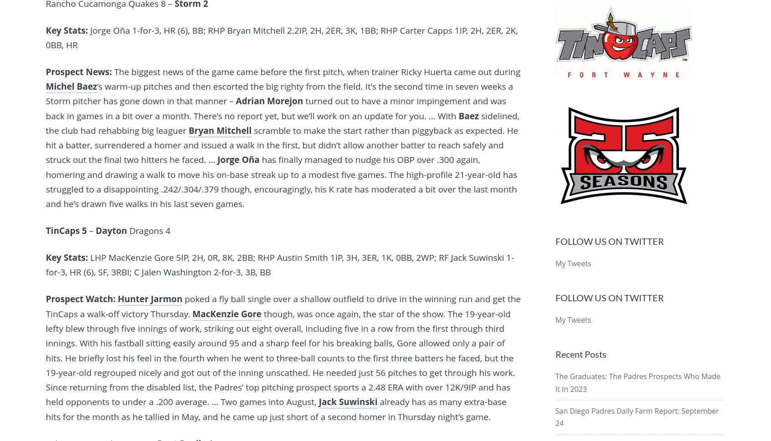 The image size is (771, 441). What do you see at coordinates (281, 144) in the screenshot?
I see `'scramble to make the start rather than piggyback as expected. He hit a batter, surrendered a homer and issued a walk in the first, but didn’t allow another batter to reach safely and struck out the final two hitters he faced. …'` at bounding box center [281, 144].